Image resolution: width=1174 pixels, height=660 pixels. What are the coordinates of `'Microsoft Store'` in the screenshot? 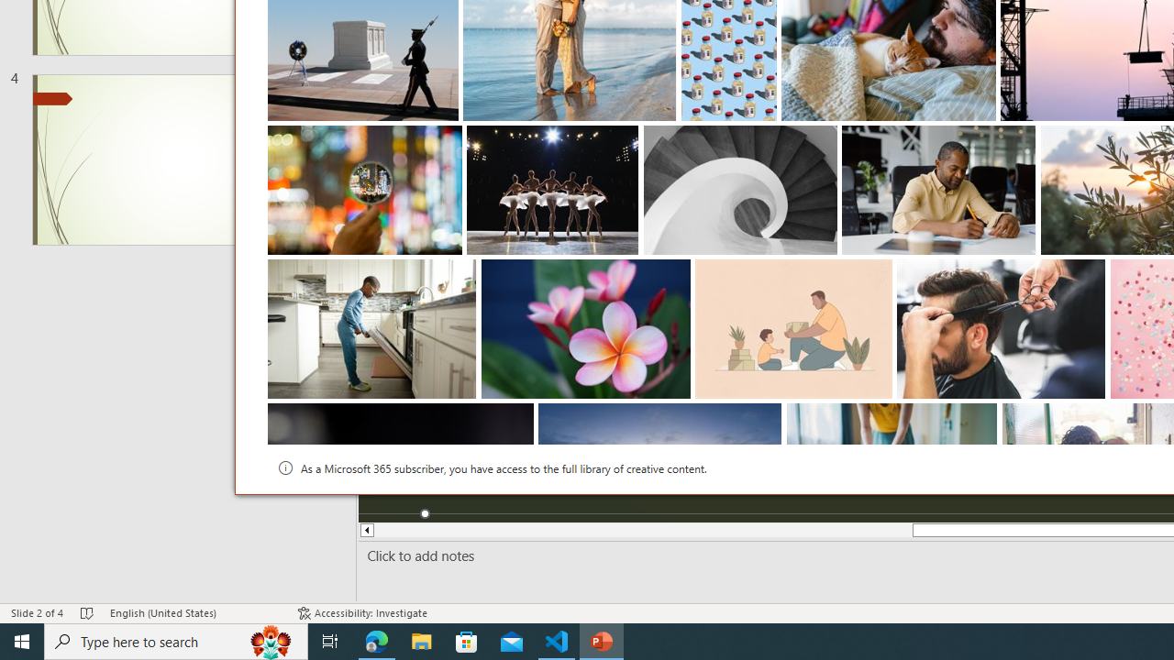 It's located at (467, 640).